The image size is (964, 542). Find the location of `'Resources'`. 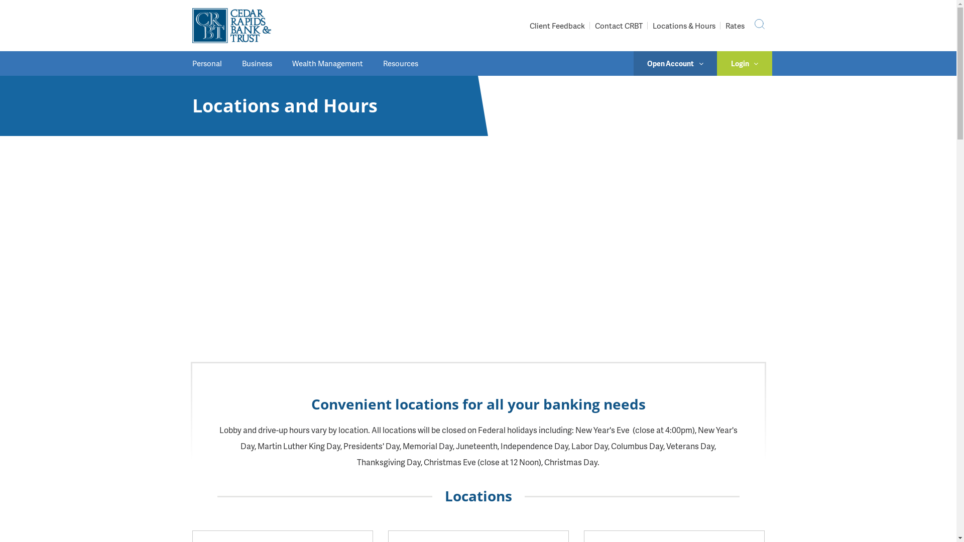

'Resources' is located at coordinates (399, 63).